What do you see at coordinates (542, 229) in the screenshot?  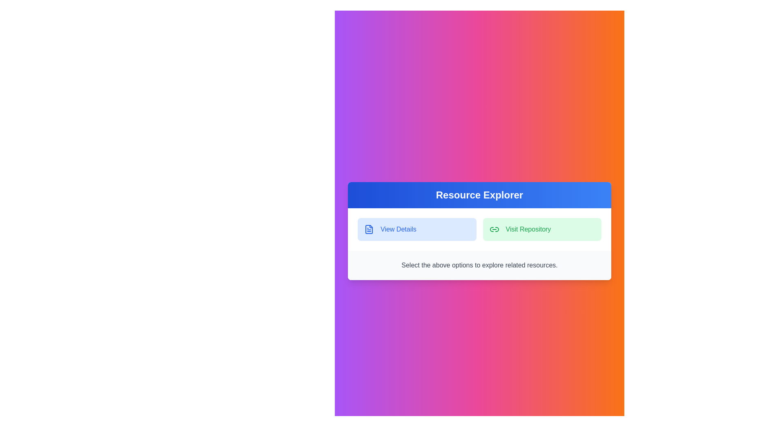 I see `the button with a green background labeled 'Visit Repository'` at bounding box center [542, 229].